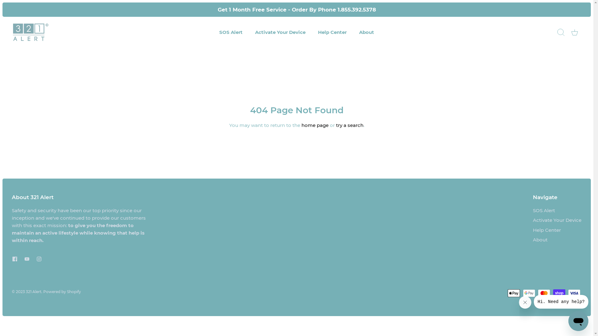 This screenshot has width=598, height=336. I want to click on 'Activate Your Device', so click(557, 220).